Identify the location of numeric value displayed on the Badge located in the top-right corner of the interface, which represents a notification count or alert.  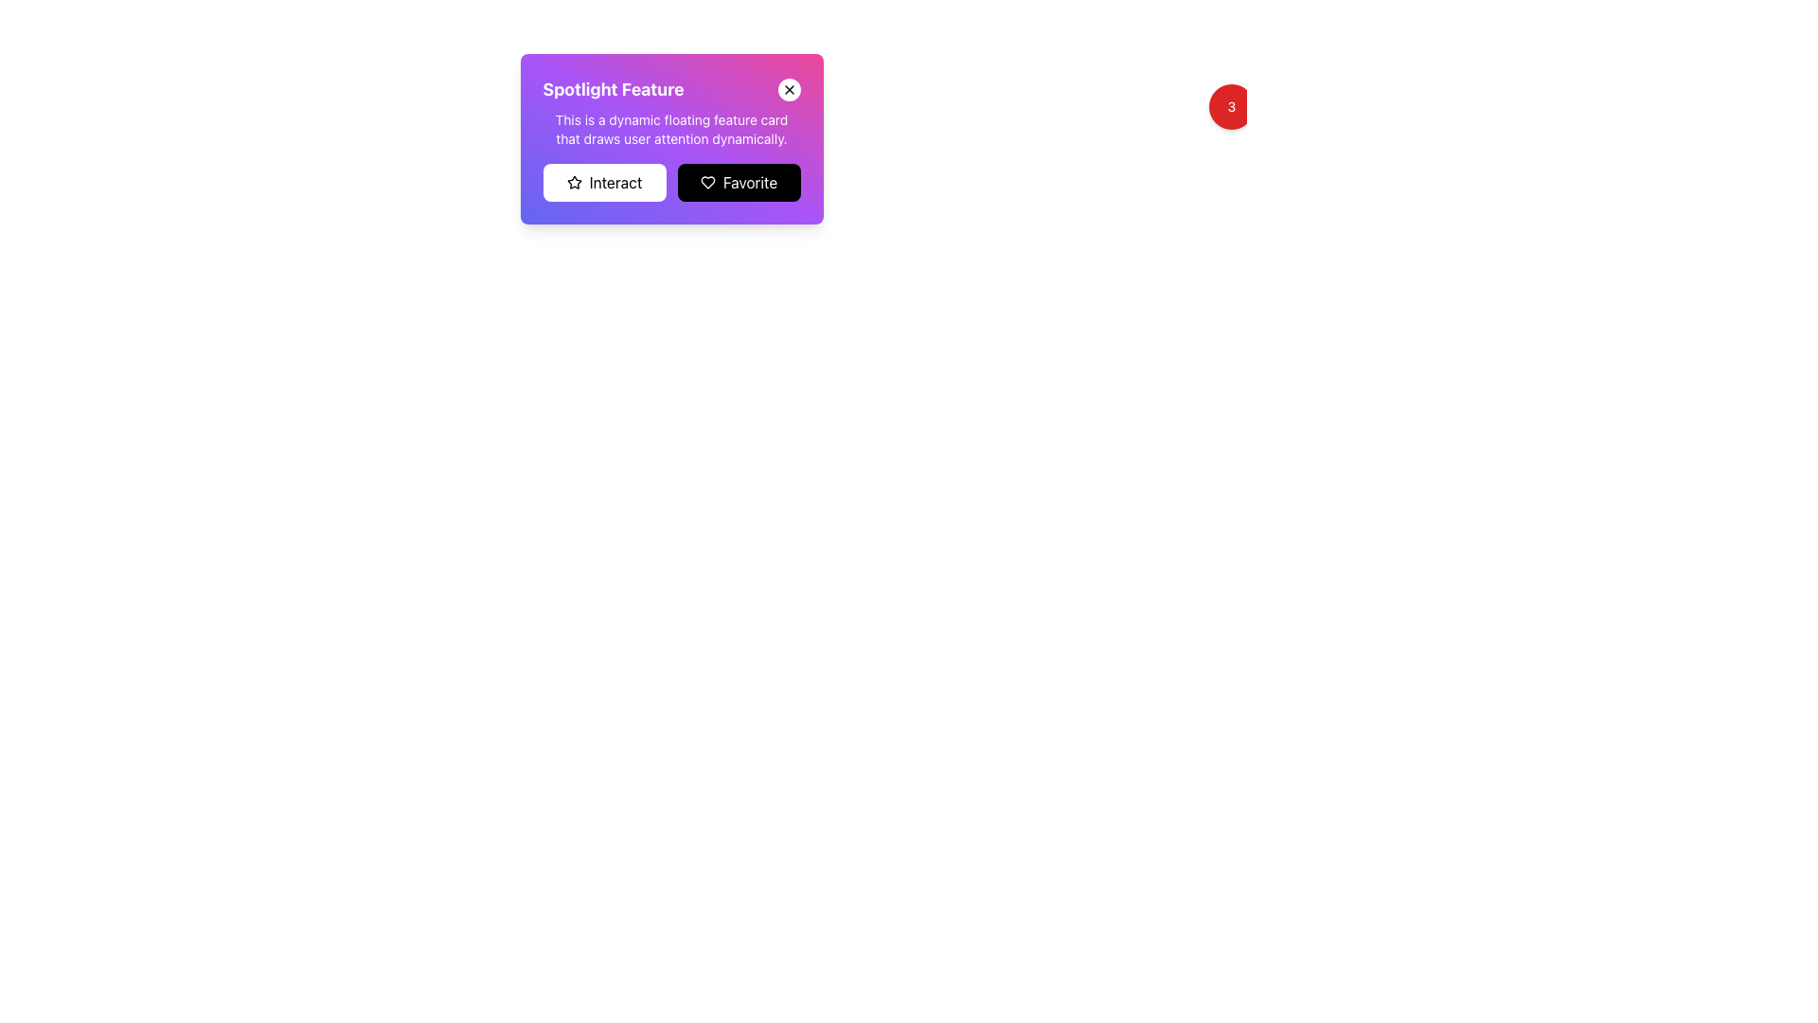
(1231, 106).